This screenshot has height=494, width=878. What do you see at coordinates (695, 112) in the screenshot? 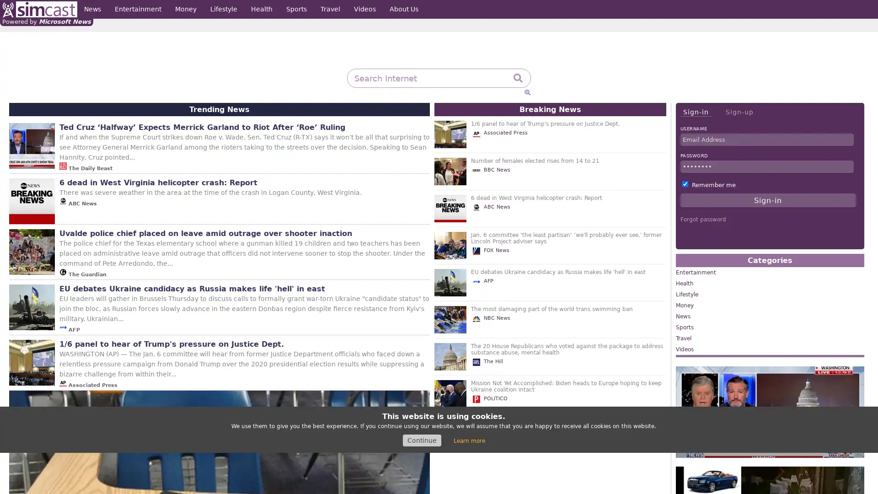
I see `Sign-in` at bounding box center [695, 112].